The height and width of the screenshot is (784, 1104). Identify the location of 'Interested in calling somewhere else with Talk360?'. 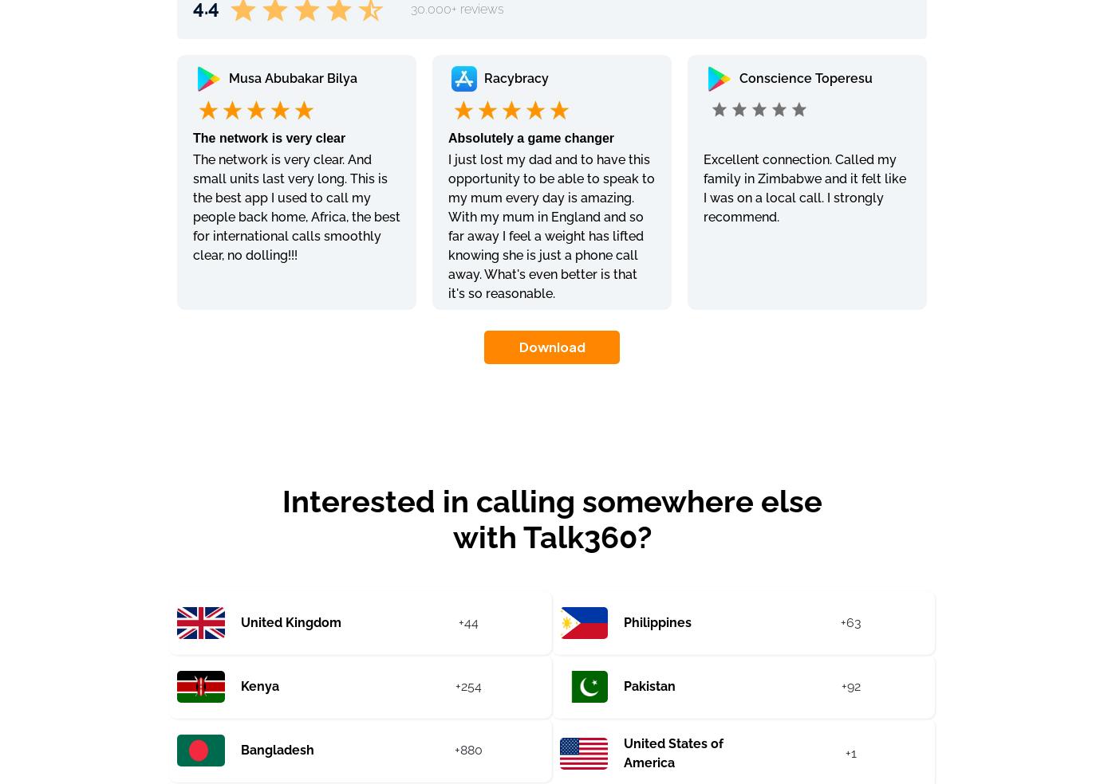
(281, 519).